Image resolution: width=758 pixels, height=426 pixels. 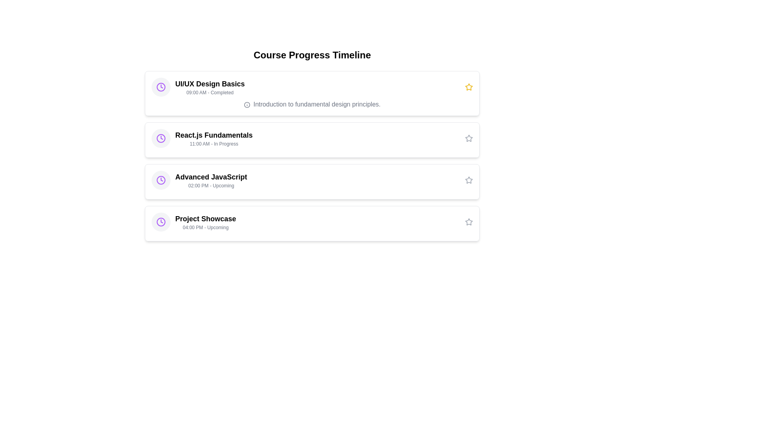 I want to click on the Text Label displaying 'React.js Fundamentals', which is the title of the second section in the course progress timeline, so click(x=214, y=135).